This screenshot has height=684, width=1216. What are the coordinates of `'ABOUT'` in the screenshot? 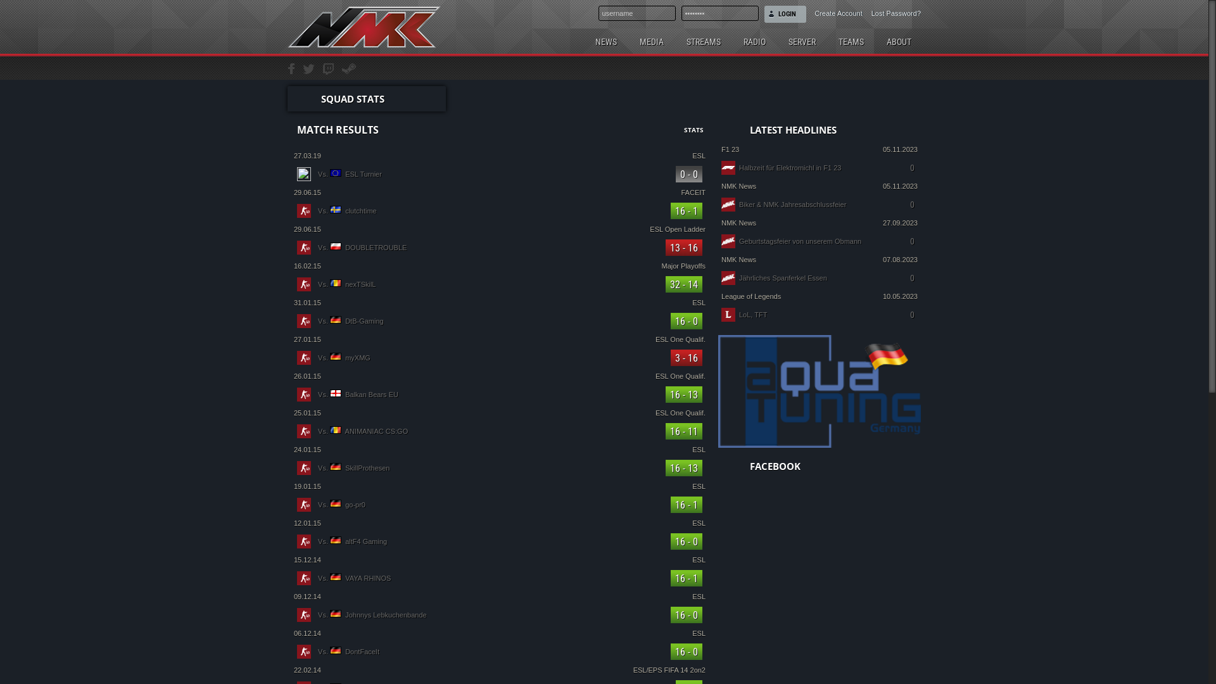 It's located at (877, 41).